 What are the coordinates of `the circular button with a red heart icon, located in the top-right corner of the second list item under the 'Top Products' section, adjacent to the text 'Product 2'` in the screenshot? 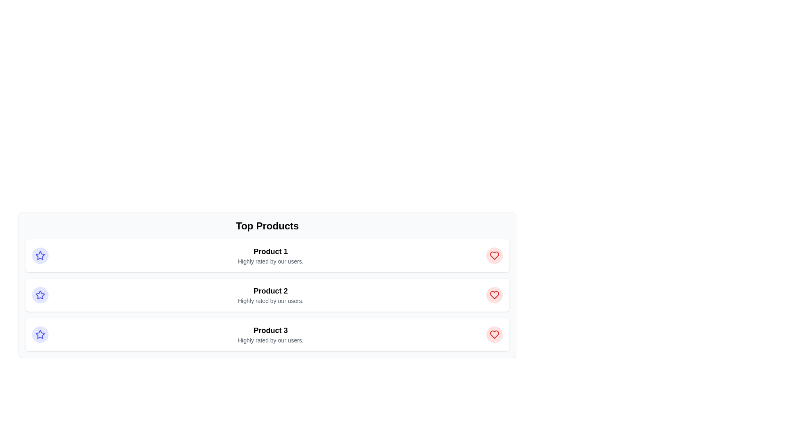 It's located at (494, 294).